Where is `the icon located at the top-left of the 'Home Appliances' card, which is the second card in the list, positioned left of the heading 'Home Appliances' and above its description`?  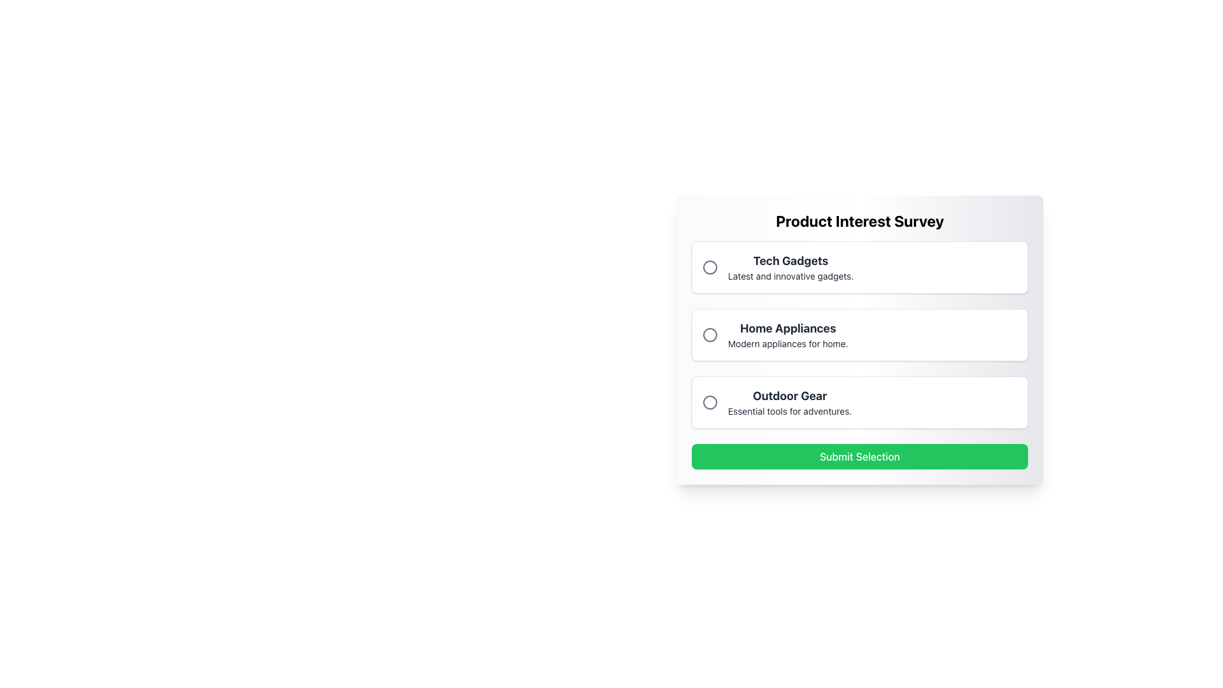 the icon located at the top-left of the 'Home Appliances' card, which is the second card in the list, positioned left of the heading 'Home Appliances' and above its description is located at coordinates (709, 334).